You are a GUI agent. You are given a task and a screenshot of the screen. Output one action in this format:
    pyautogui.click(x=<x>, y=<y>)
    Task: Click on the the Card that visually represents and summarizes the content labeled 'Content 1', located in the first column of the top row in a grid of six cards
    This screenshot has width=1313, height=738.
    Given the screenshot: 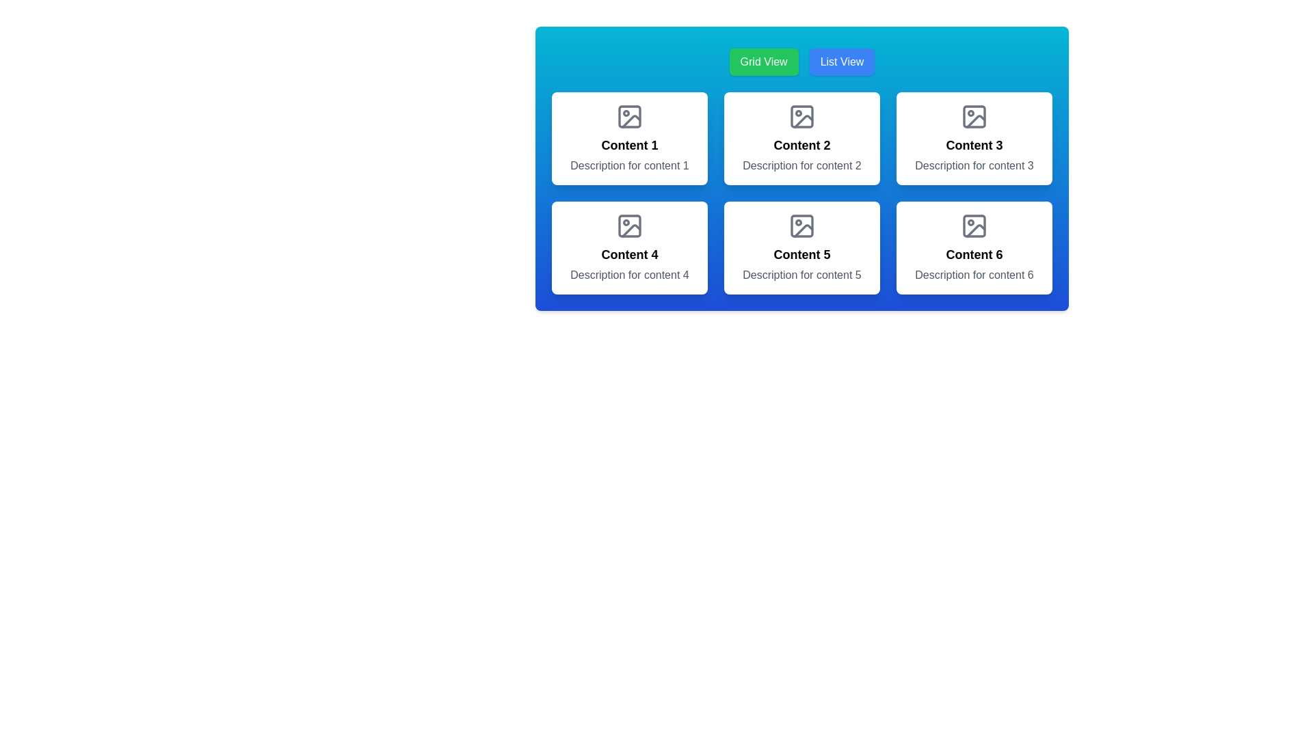 What is the action you would take?
    pyautogui.click(x=629, y=139)
    